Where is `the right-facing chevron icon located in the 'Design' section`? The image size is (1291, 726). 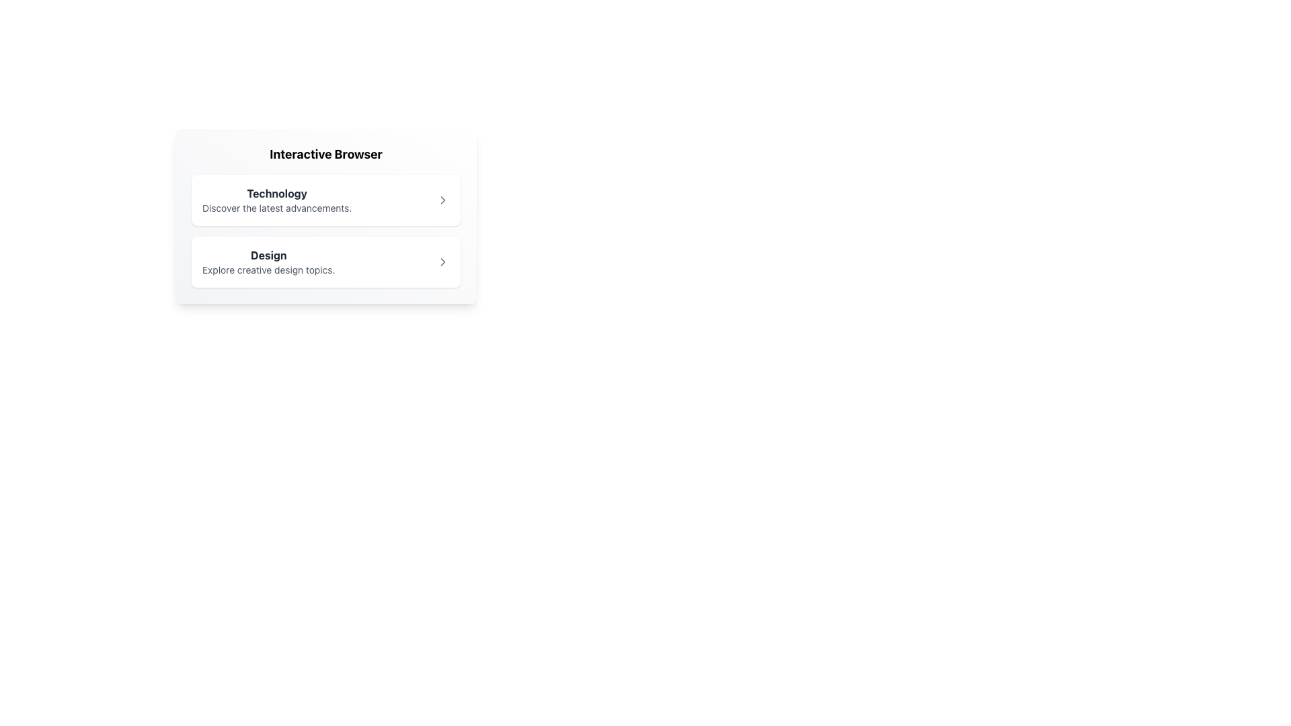 the right-facing chevron icon located in the 'Design' section is located at coordinates (442, 261).